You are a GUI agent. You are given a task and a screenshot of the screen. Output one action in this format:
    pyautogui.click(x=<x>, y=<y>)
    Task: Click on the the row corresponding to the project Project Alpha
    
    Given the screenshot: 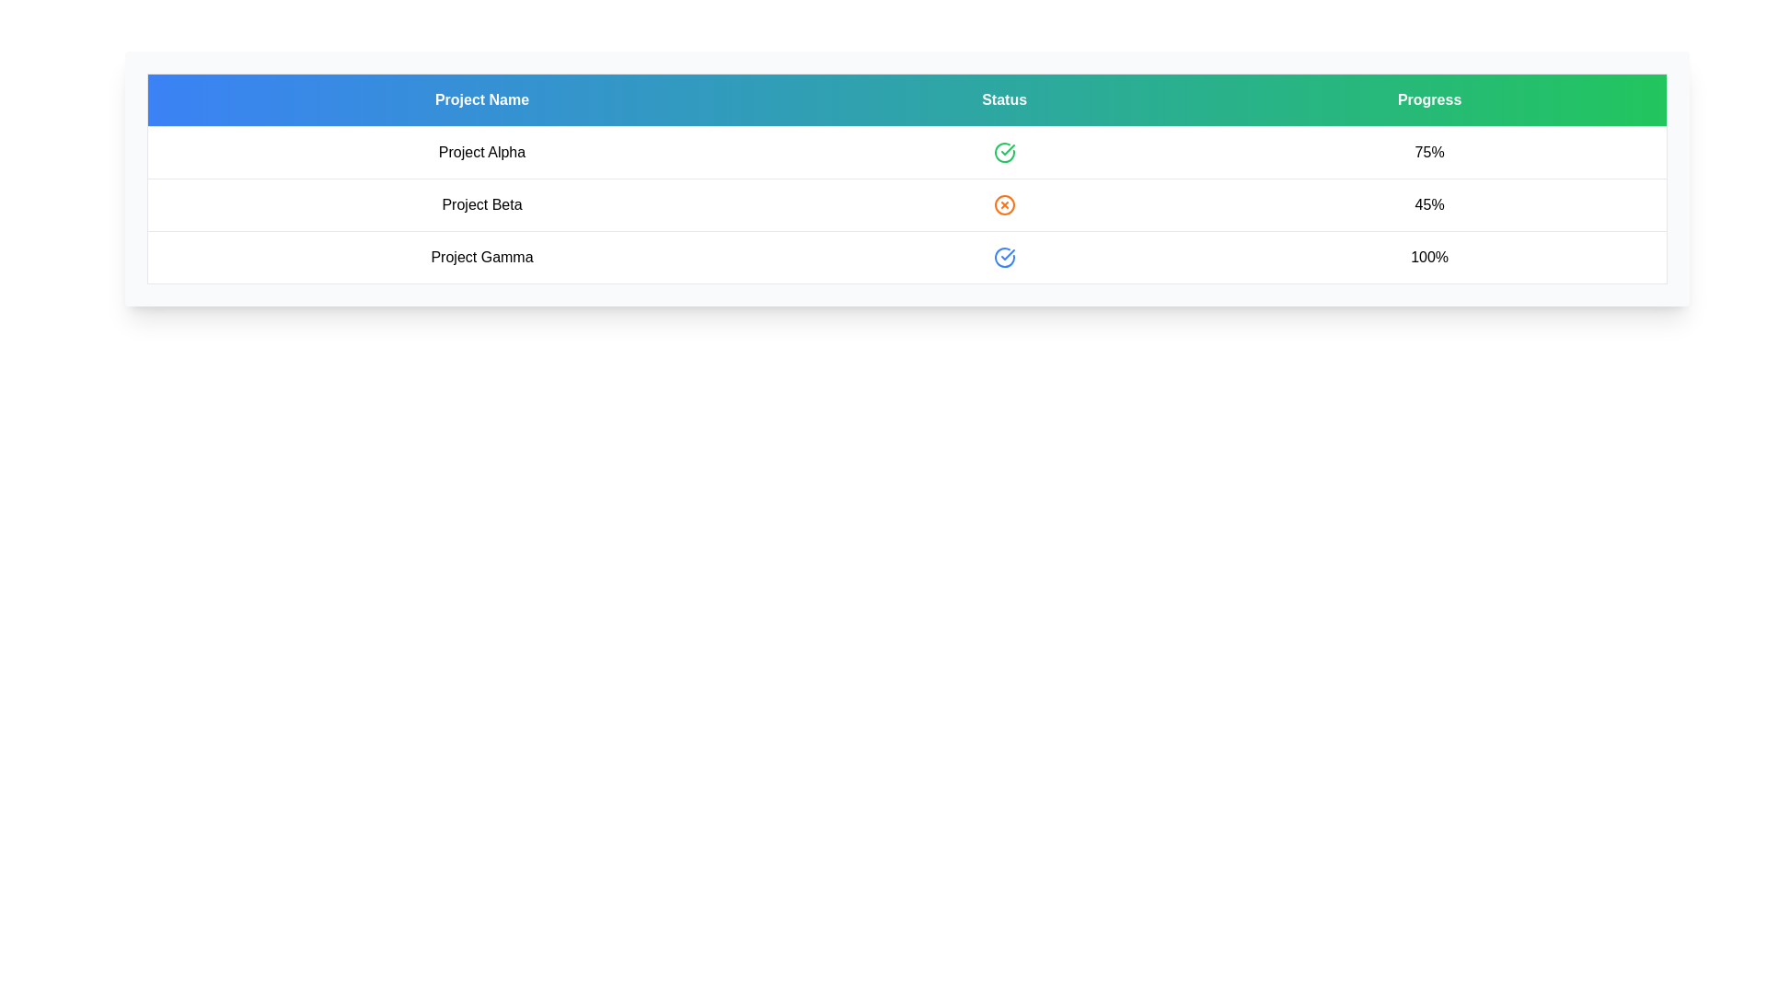 What is the action you would take?
    pyautogui.click(x=481, y=151)
    